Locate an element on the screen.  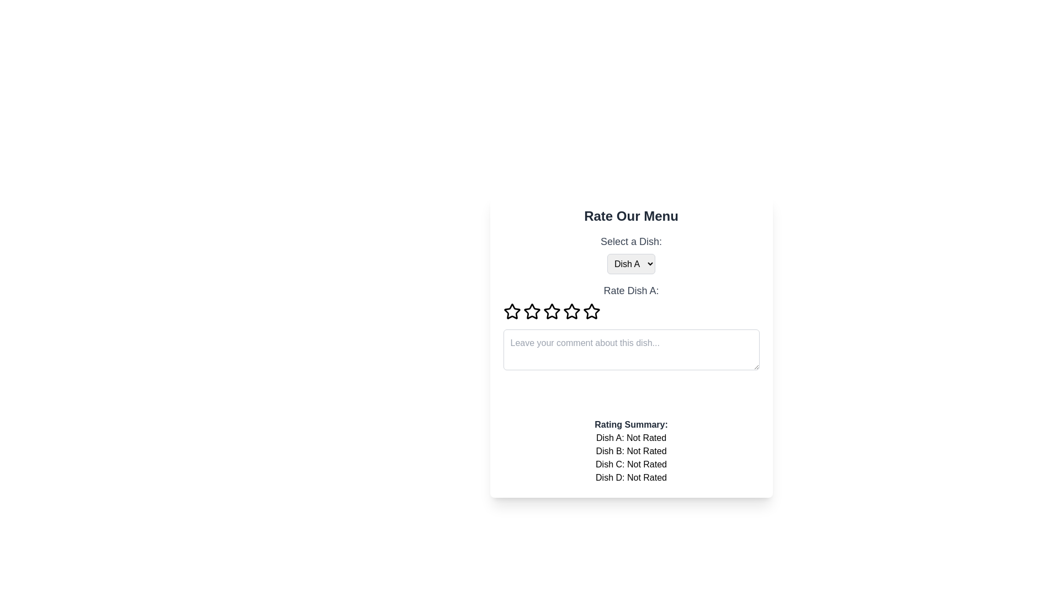
the third star icon in the five-star rating system below the label 'Rate Dish A' is located at coordinates (571, 311).